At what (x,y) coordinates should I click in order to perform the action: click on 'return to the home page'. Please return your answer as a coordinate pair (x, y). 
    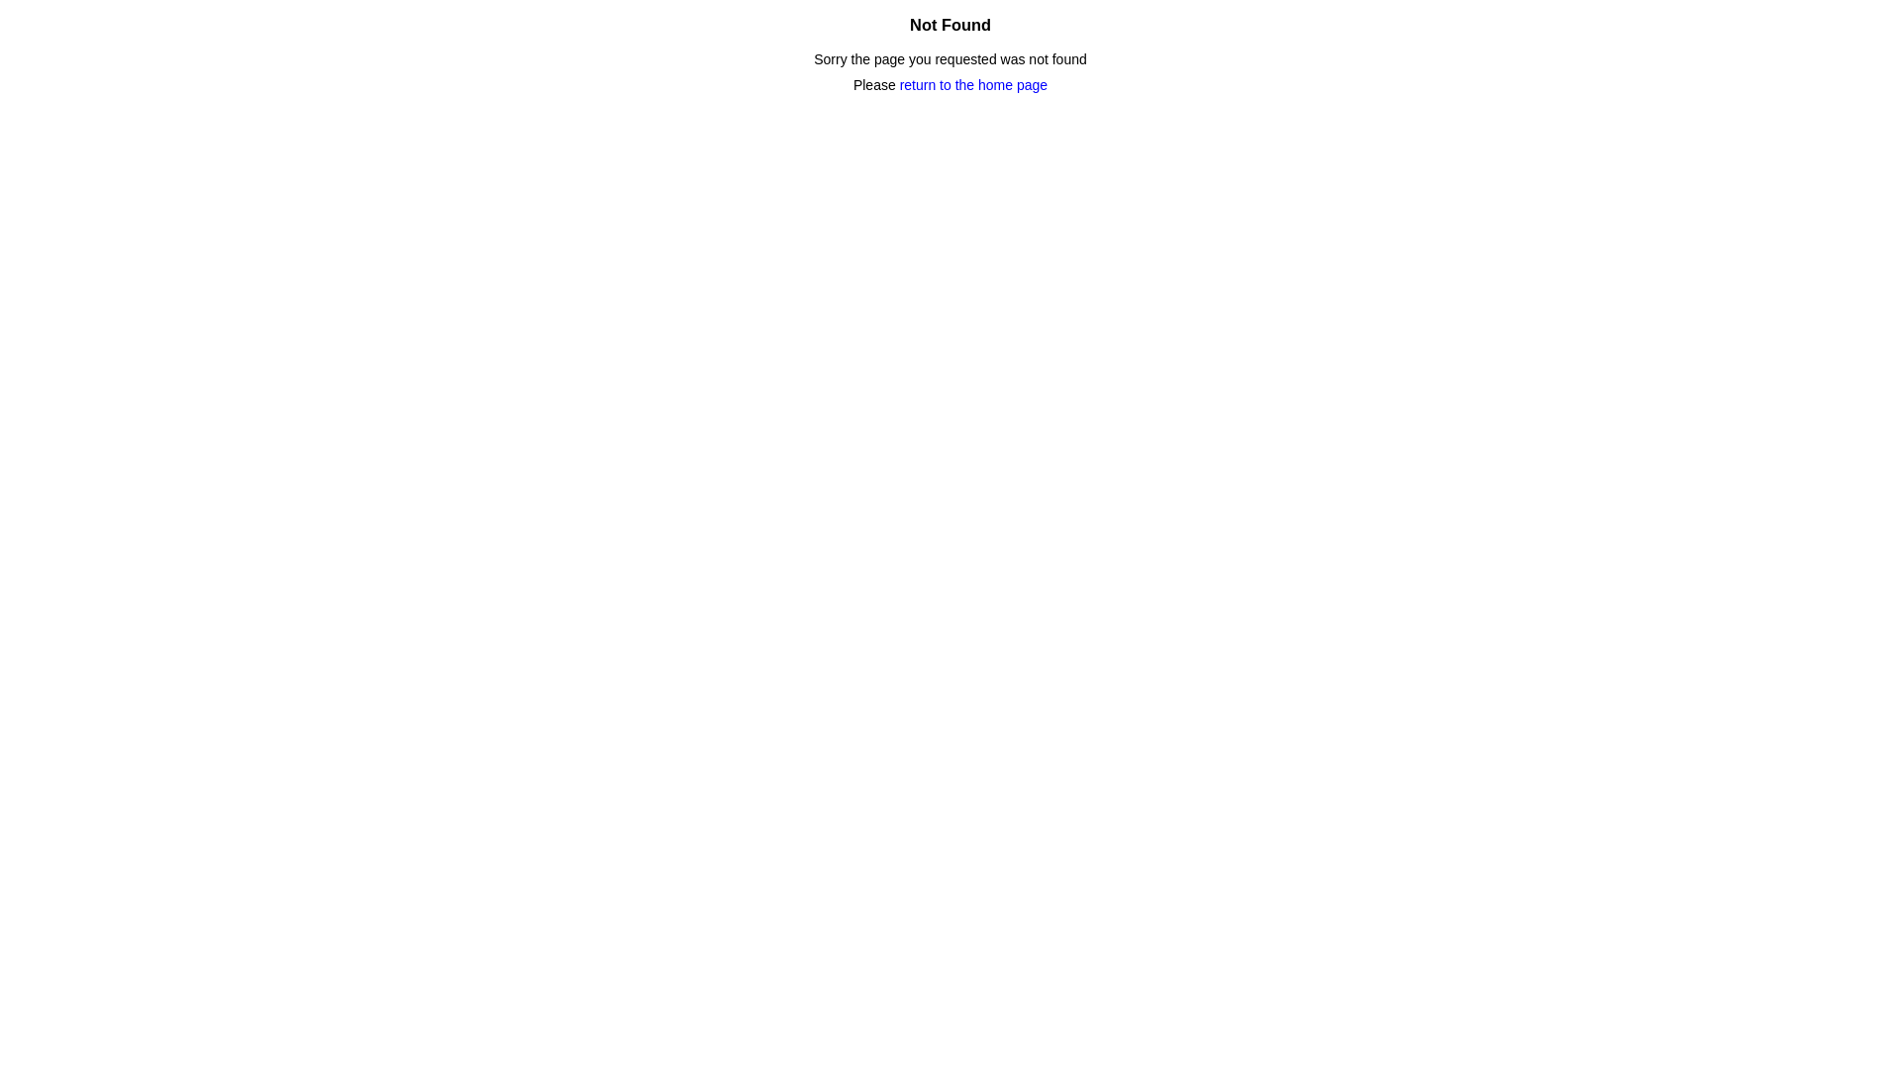
    Looking at the image, I should click on (973, 83).